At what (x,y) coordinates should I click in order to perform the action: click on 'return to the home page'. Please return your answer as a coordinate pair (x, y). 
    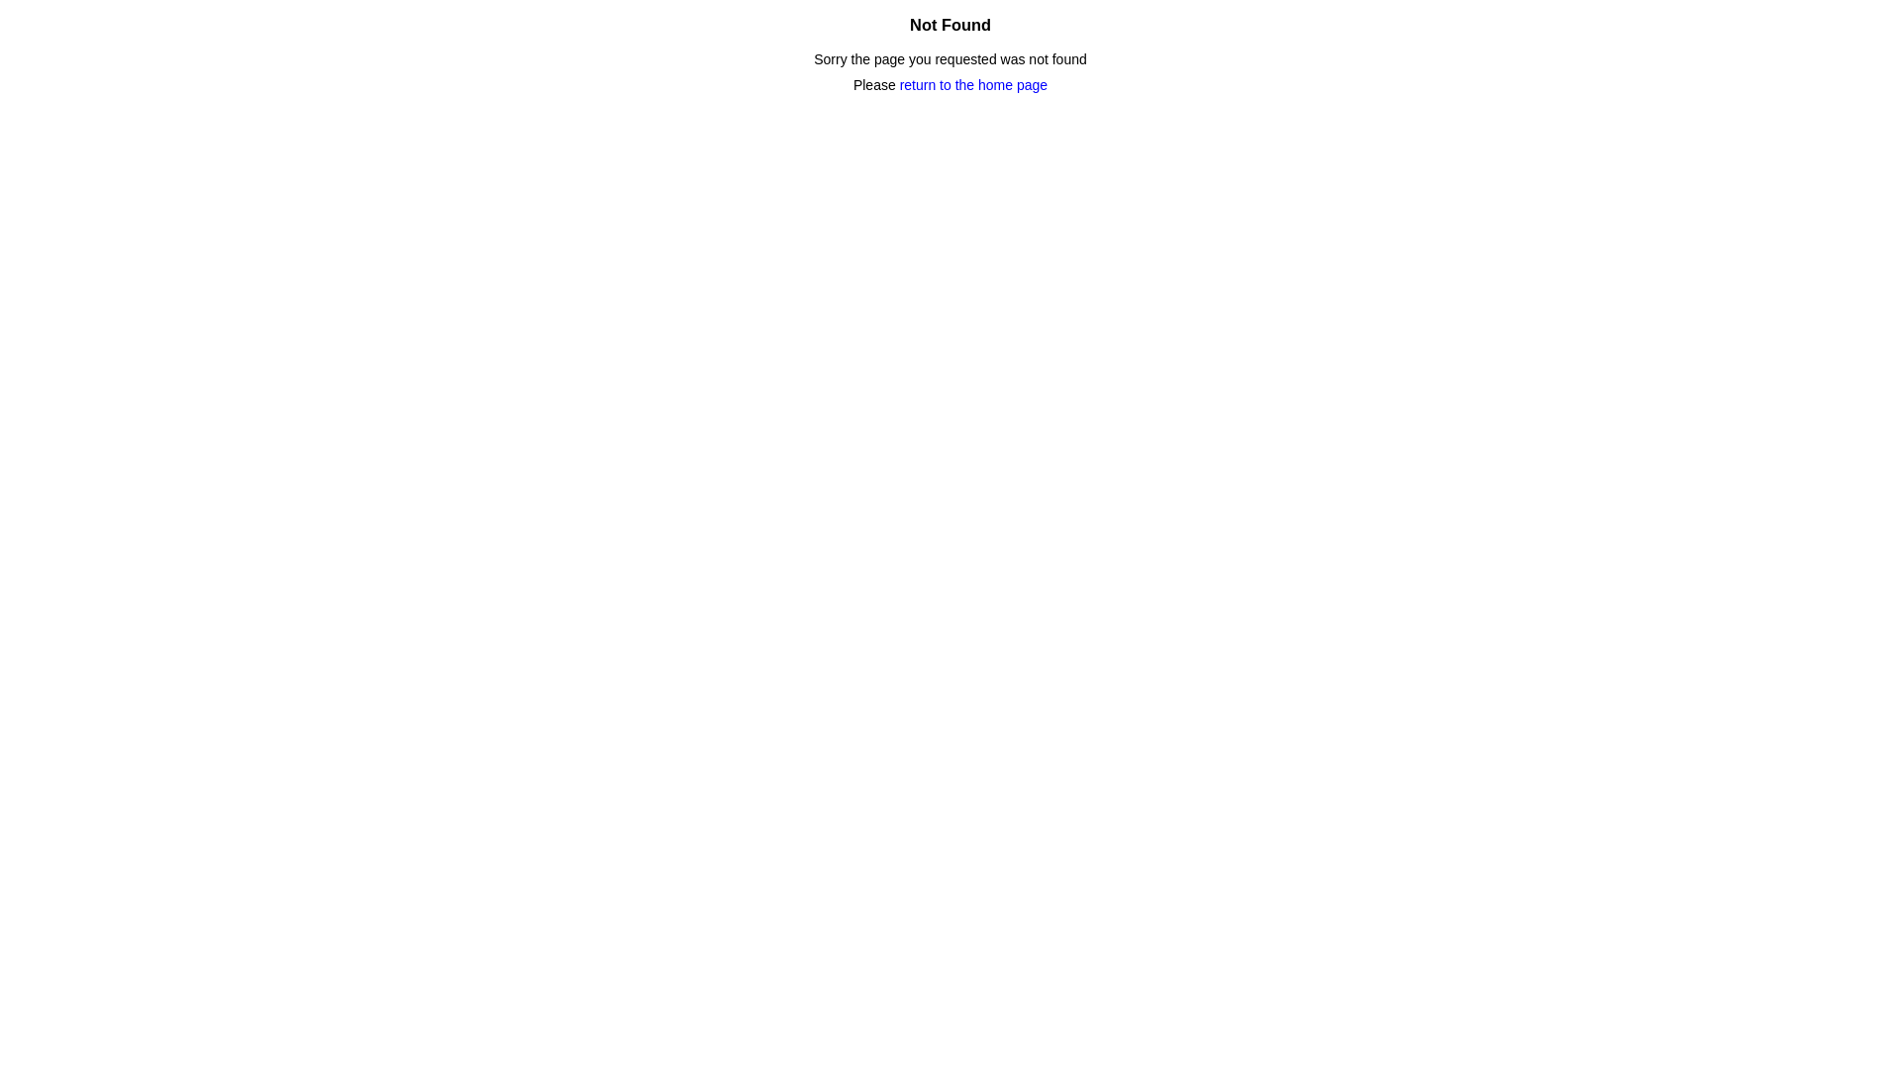
    Looking at the image, I should click on (973, 83).